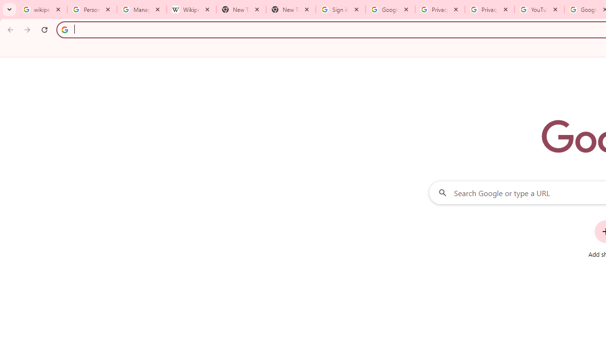 The height and width of the screenshot is (341, 606). Describe the element at coordinates (92, 9) in the screenshot. I see `'Personalization & Google Search results - Google Search Help'` at that location.